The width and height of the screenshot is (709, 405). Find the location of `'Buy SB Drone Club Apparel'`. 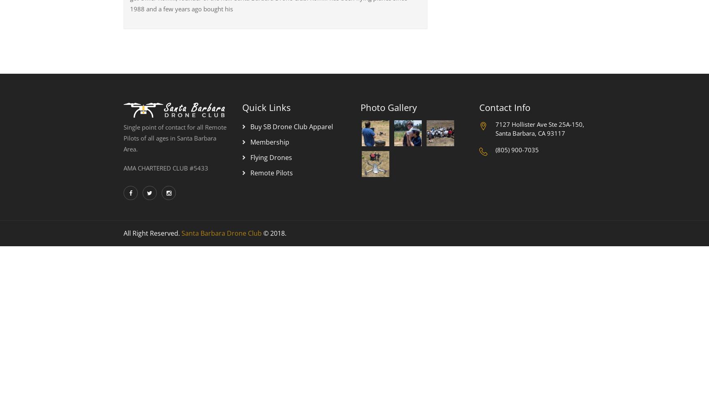

'Buy SB Drone Club Apparel' is located at coordinates (291, 126).